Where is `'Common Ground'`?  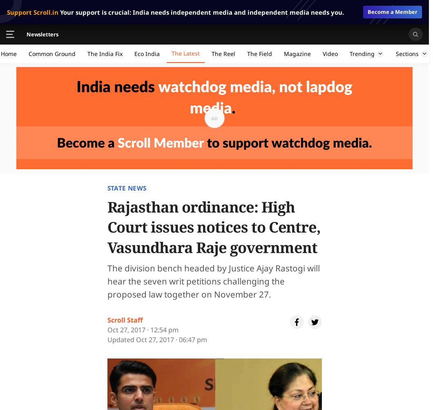
'Common Ground' is located at coordinates (28, 53).